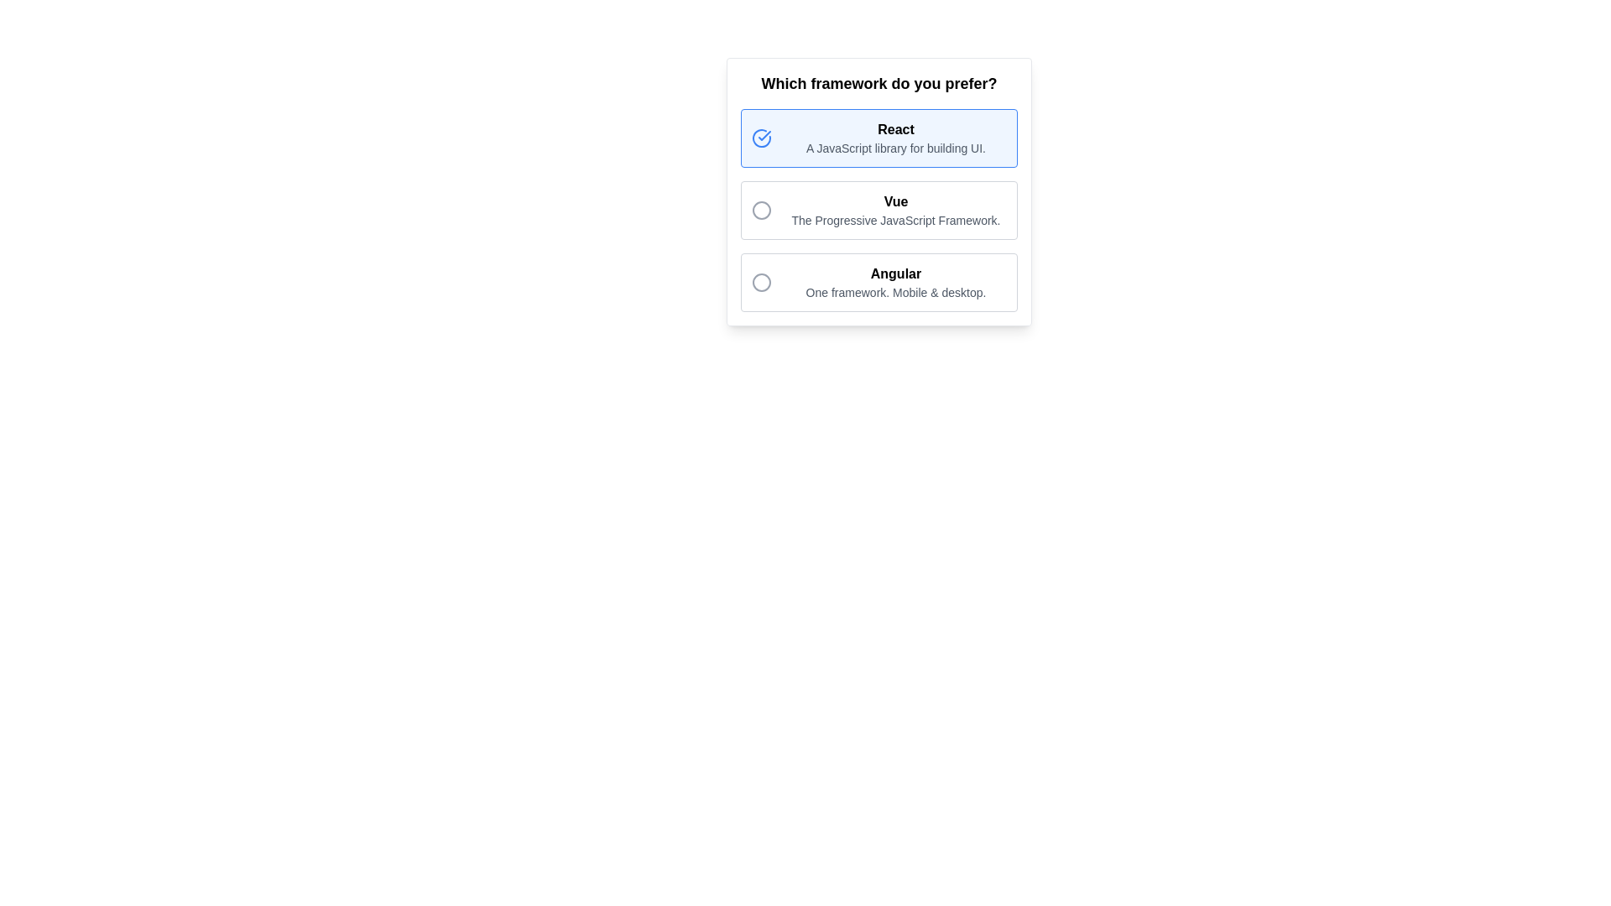 The height and width of the screenshot is (906, 1611). What do you see at coordinates (760, 138) in the screenshot?
I see `the selected state indicator icon for the 'React' option in the preference selection menu, located to the left of the 'React' text` at bounding box center [760, 138].